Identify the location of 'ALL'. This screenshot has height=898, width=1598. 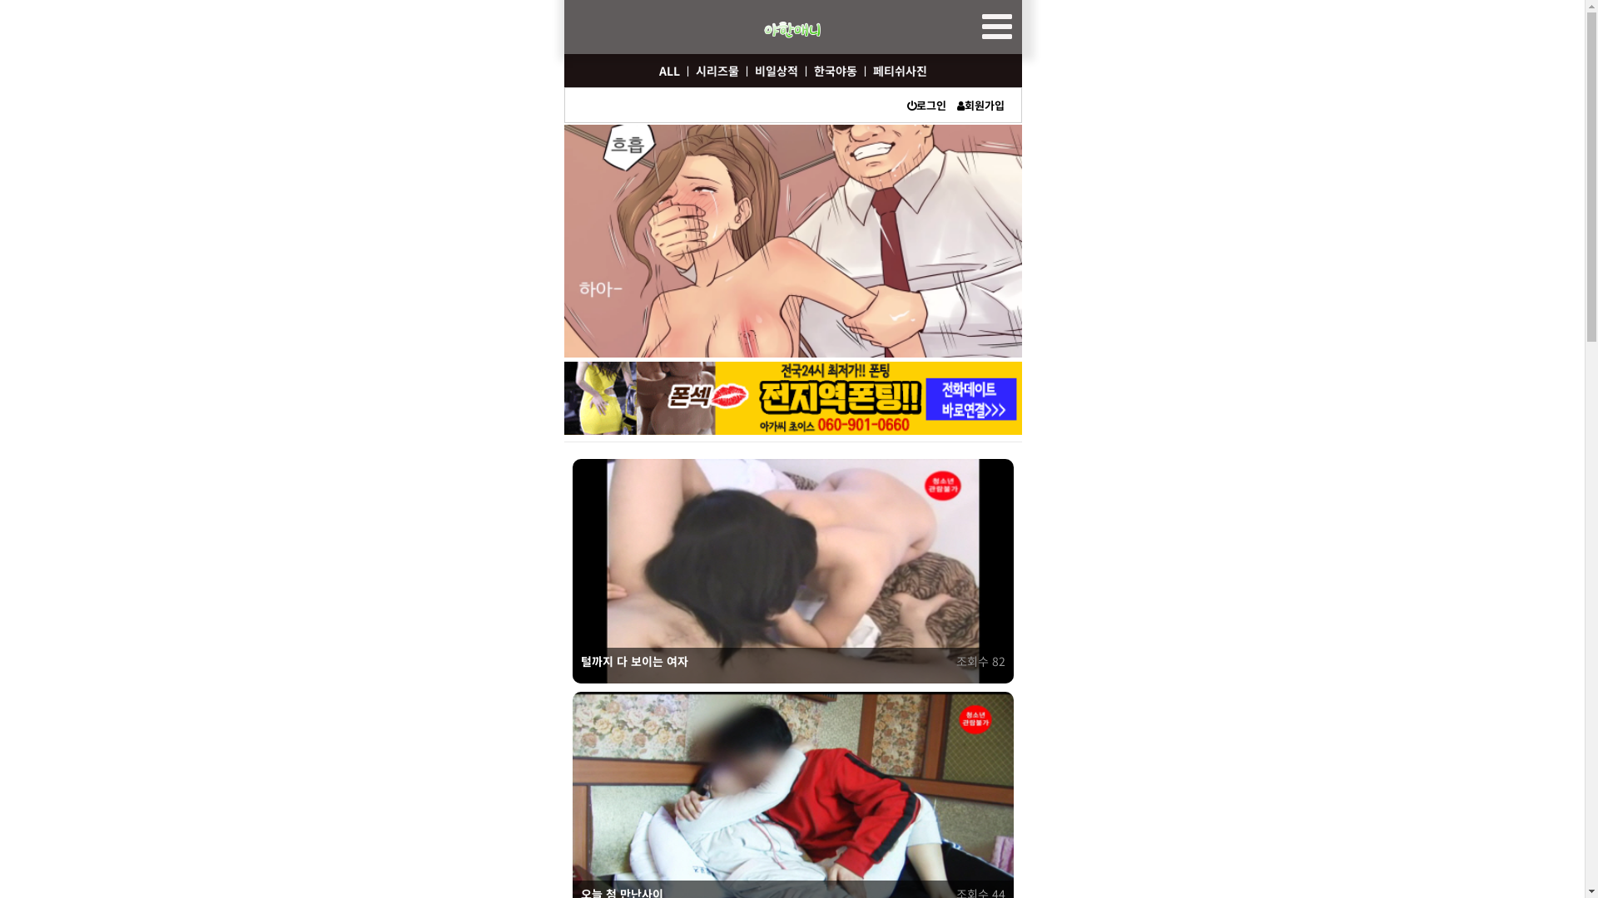
(654, 69).